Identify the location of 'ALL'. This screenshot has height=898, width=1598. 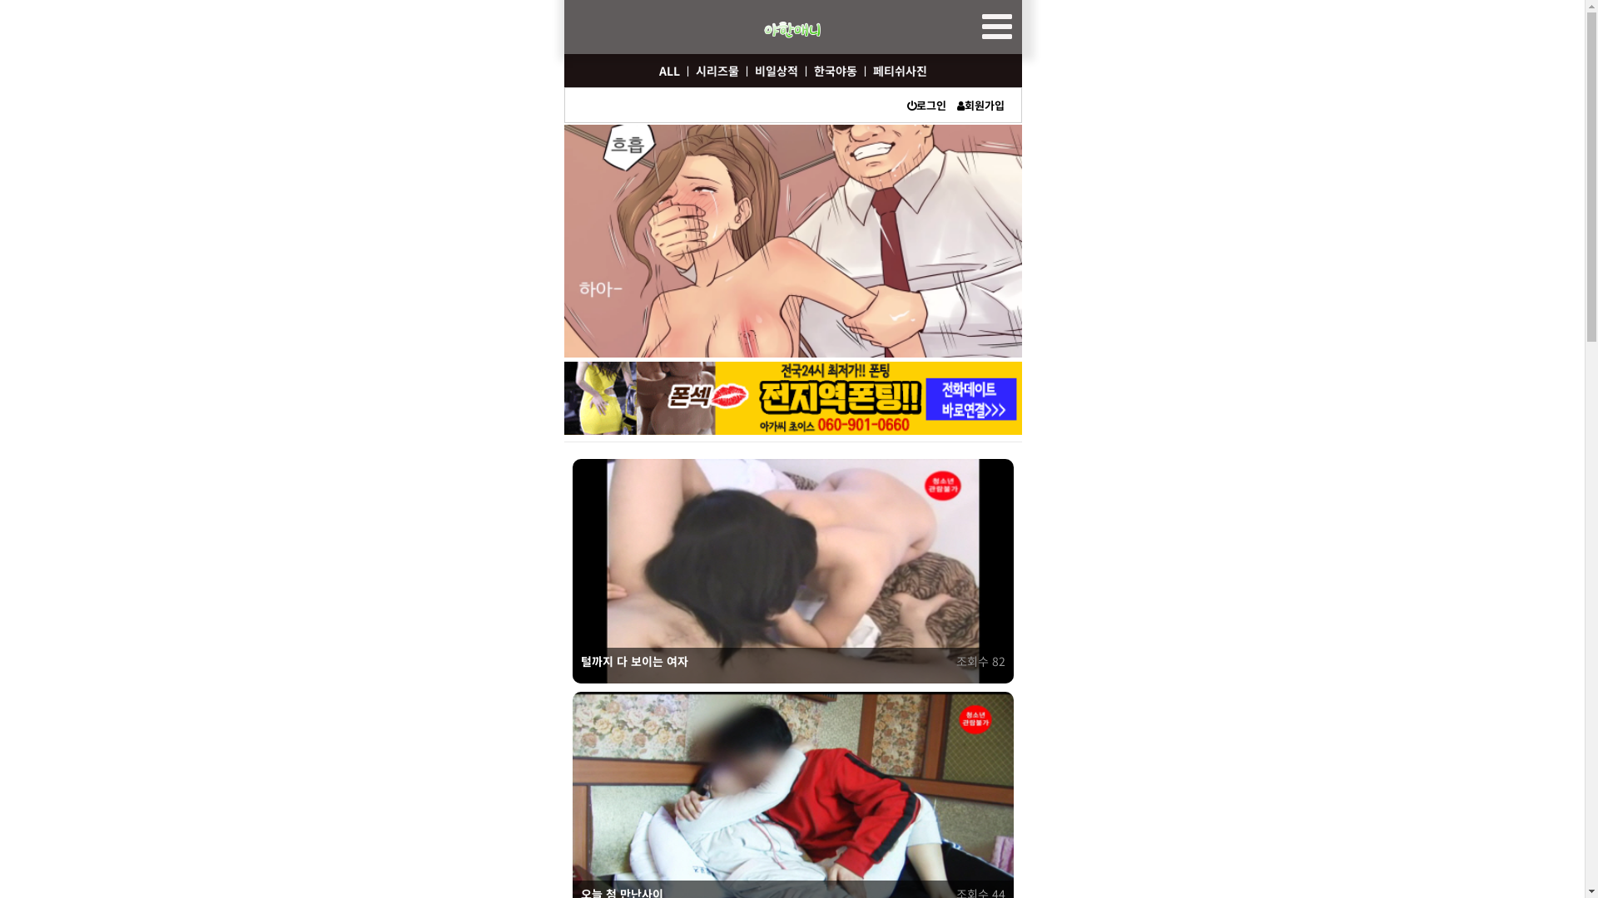
(654, 69).